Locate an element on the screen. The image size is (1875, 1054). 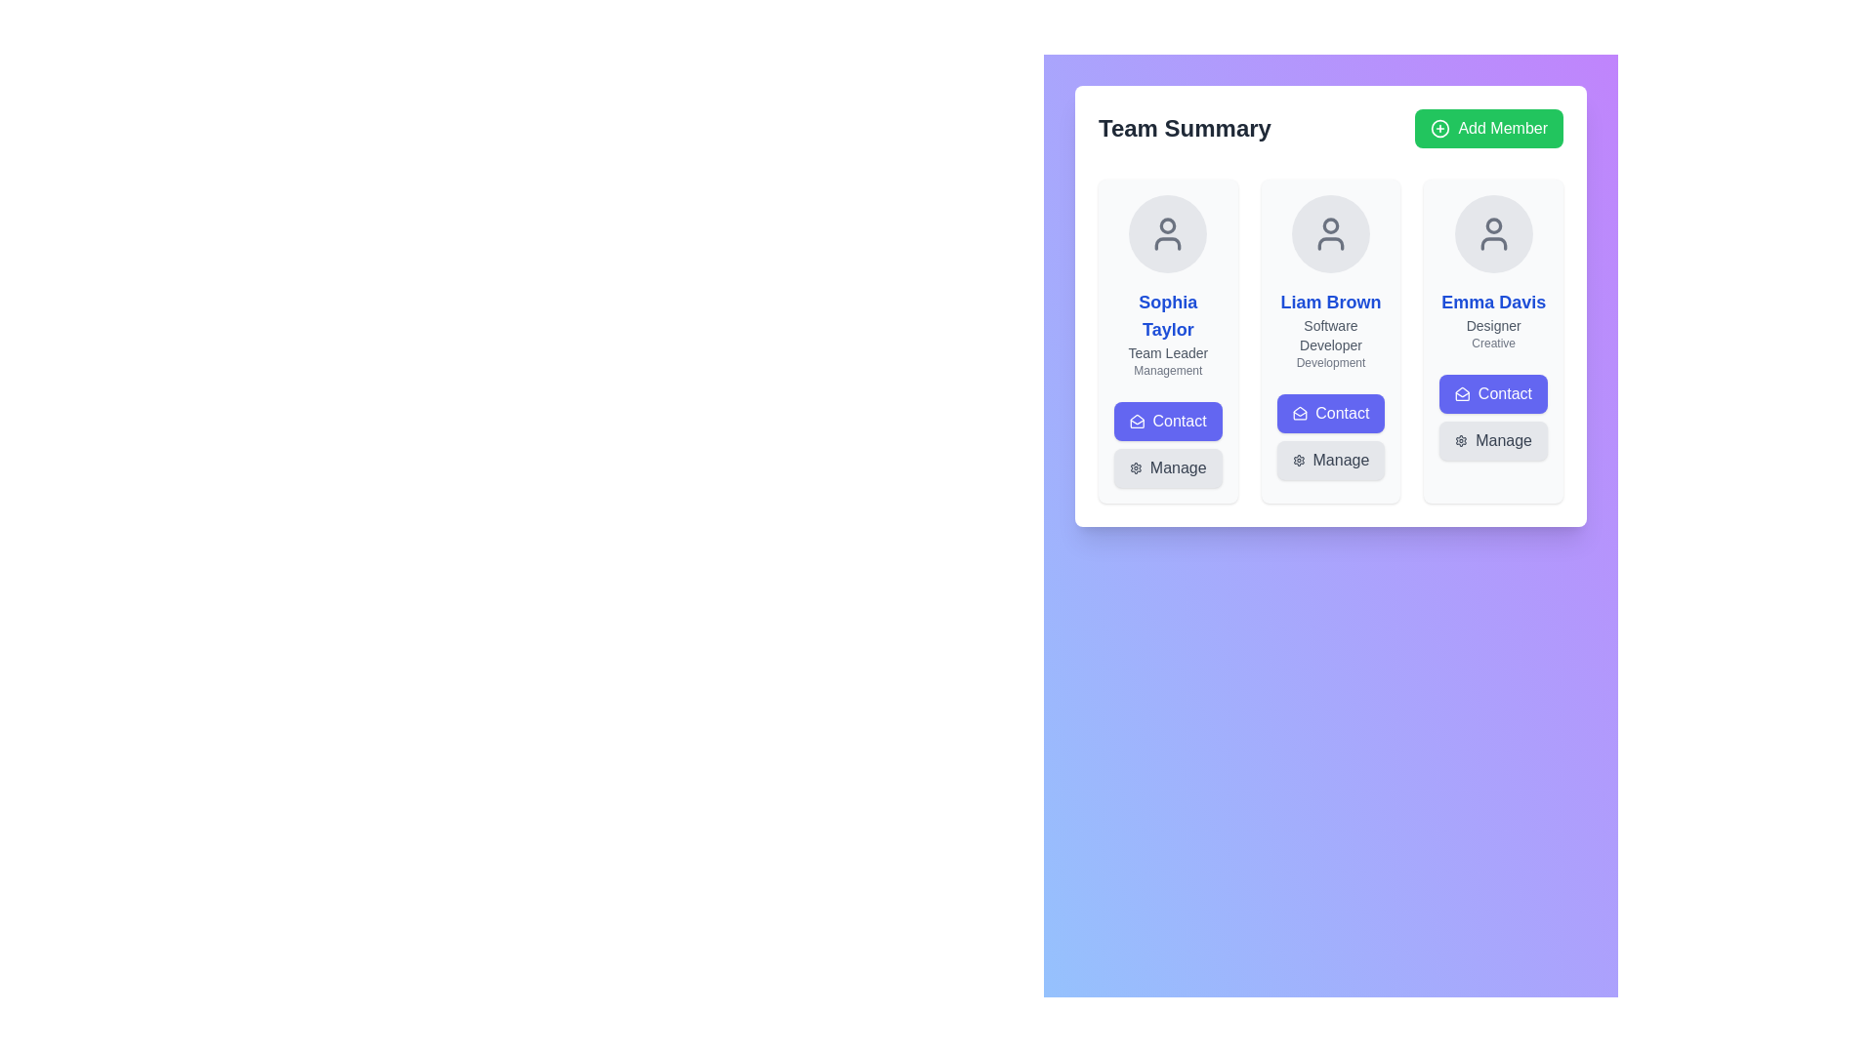
the 'Manage' button, which is a rectangular button with rounded corners, light gray background, and a gear icon next to the text 'Manage', located below the 'Contact' button in Liam Brown's card is located at coordinates (1330, 460).